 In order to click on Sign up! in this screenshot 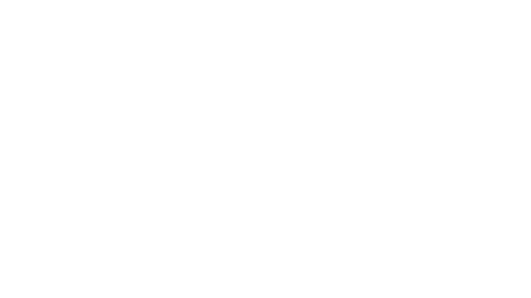, I will do `click(443, 94)`.